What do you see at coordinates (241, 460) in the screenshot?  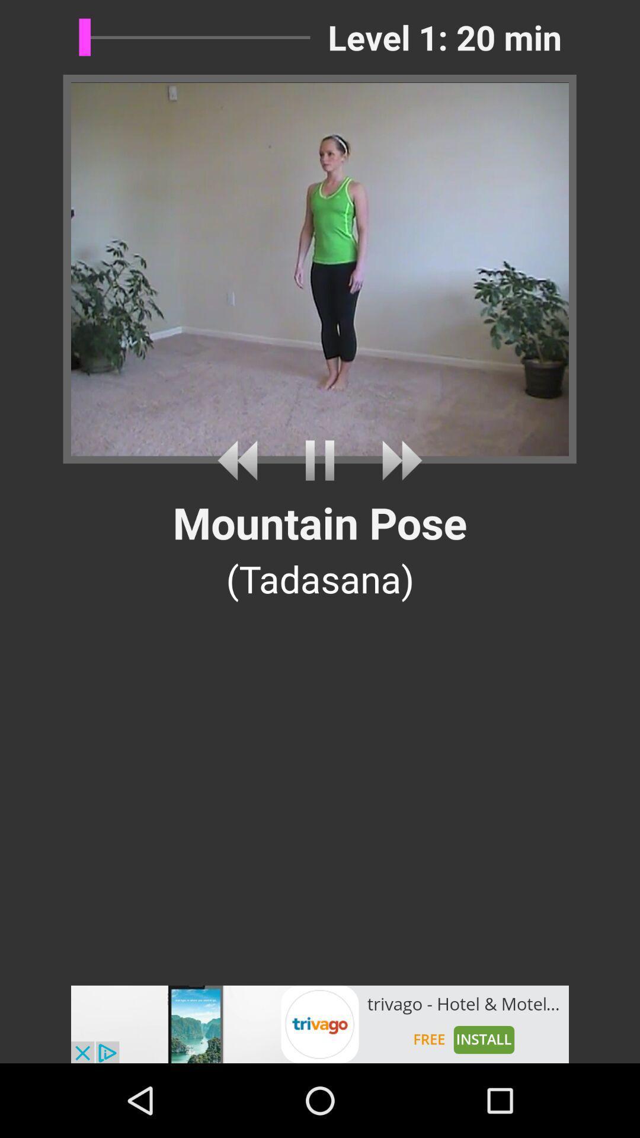 I see `back timeline video` at bounding box center [241, 460].